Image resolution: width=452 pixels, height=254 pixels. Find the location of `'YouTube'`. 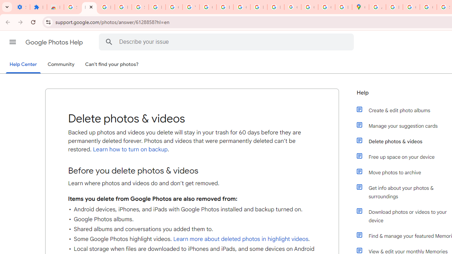

'YouTube' is located at coordinates (191, 7).